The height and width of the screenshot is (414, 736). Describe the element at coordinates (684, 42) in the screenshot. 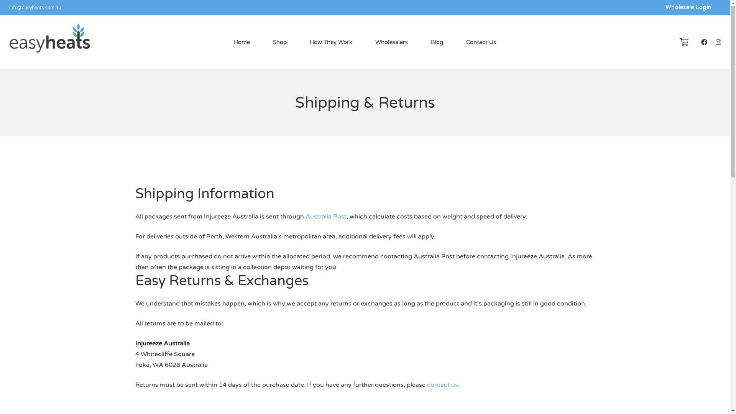

I see `'0'` at that location.